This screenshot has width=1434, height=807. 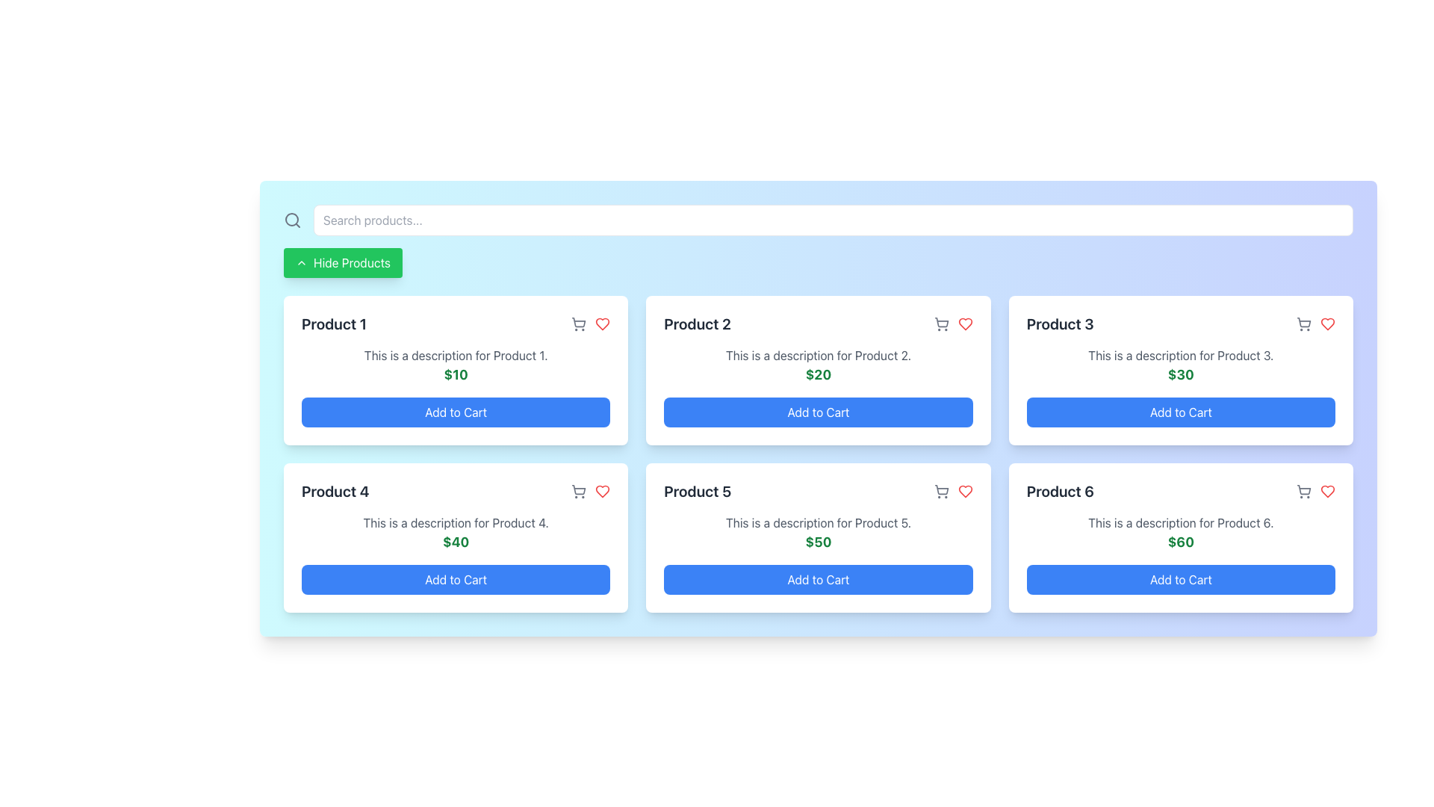 What do you see at coordinates (1180, 412) in the screenshot?
I see `the 'Add to Cart' button with a blue background and white text, located at the bottom of the card for 'Product 3'` at bounding box center [1180, 412].